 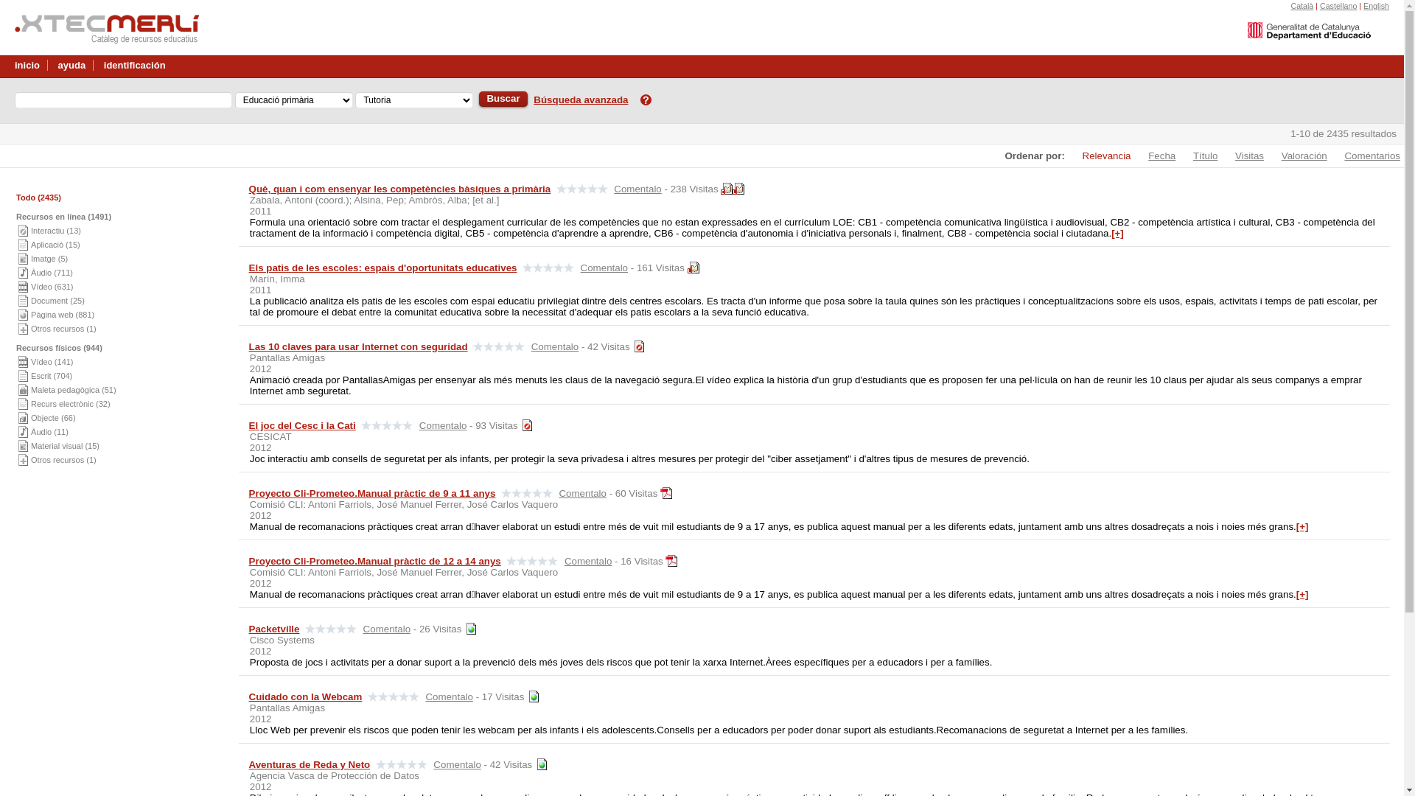 What do you see at coordinates (1375, 5) in the screenshot?
I see `'English'` at bounding box center [1375, 5].